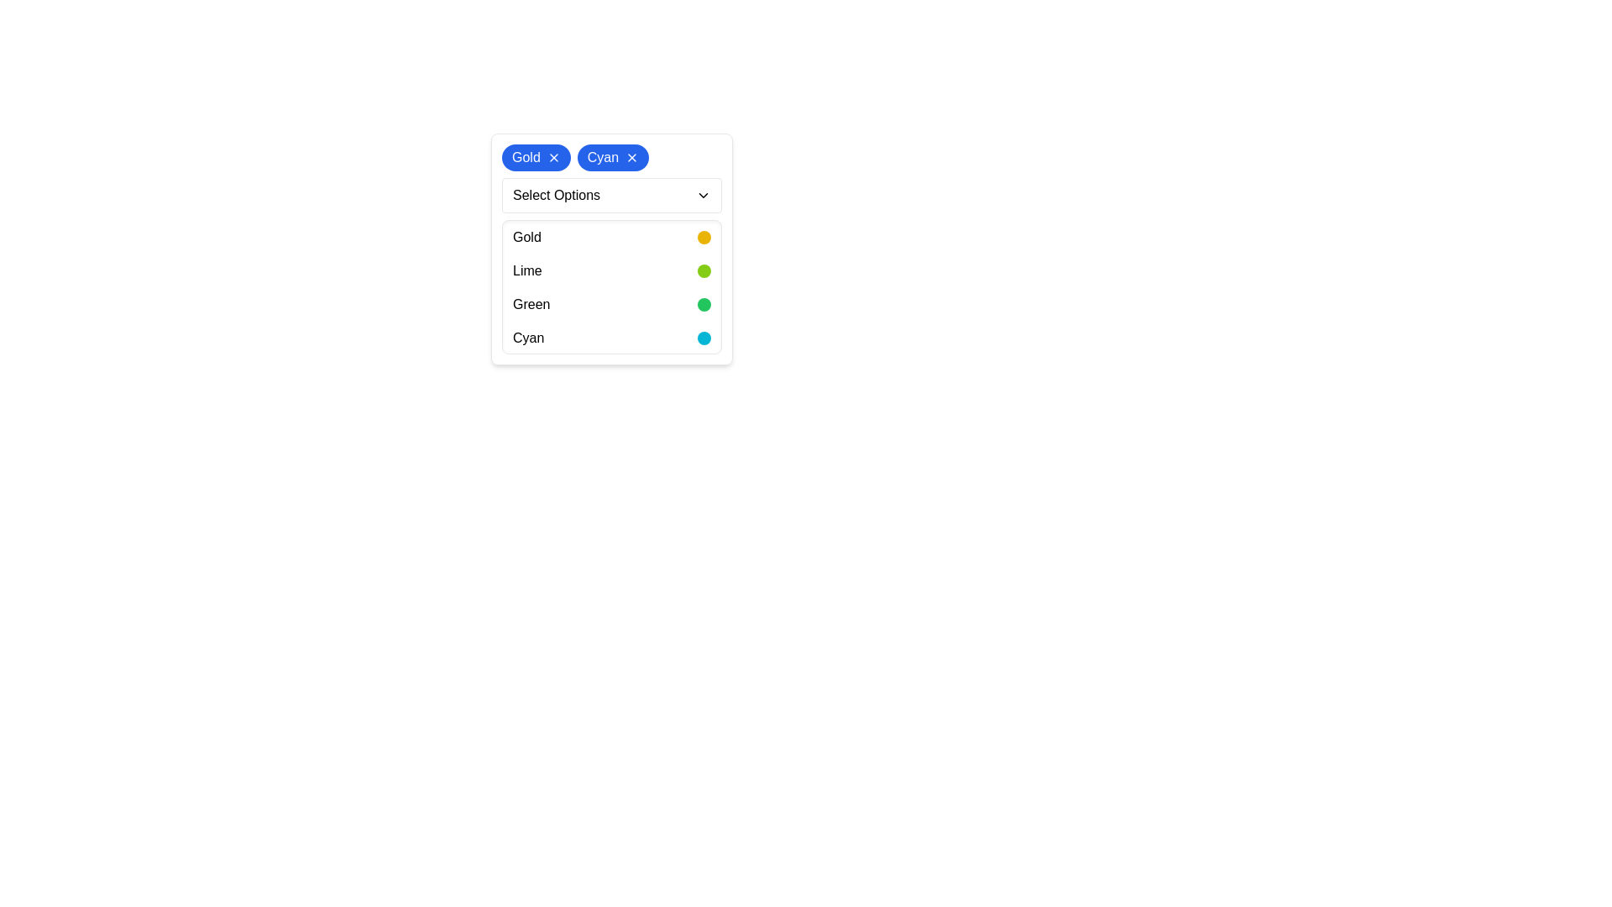  I want to click on the first list item labeled 'Gold' by pressing or tapping on it, so click(611, 237).